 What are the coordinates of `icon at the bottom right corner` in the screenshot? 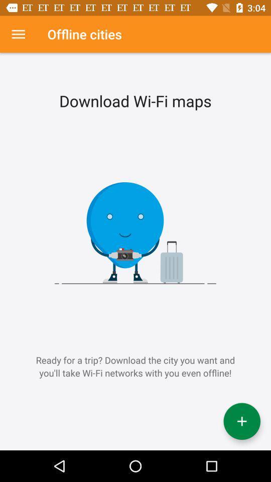 It's located at (241, 421).